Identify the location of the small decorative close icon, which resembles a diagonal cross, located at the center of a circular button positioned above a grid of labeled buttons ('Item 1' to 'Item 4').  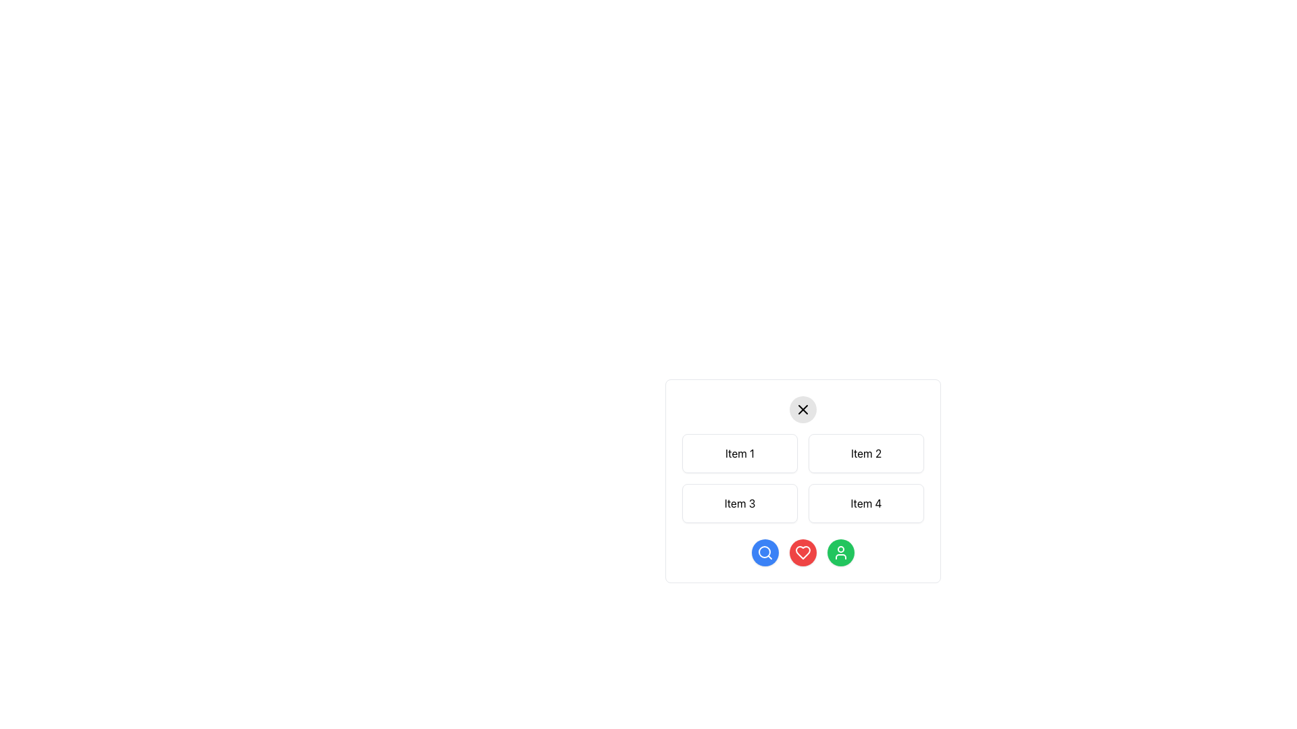
(803, 408).